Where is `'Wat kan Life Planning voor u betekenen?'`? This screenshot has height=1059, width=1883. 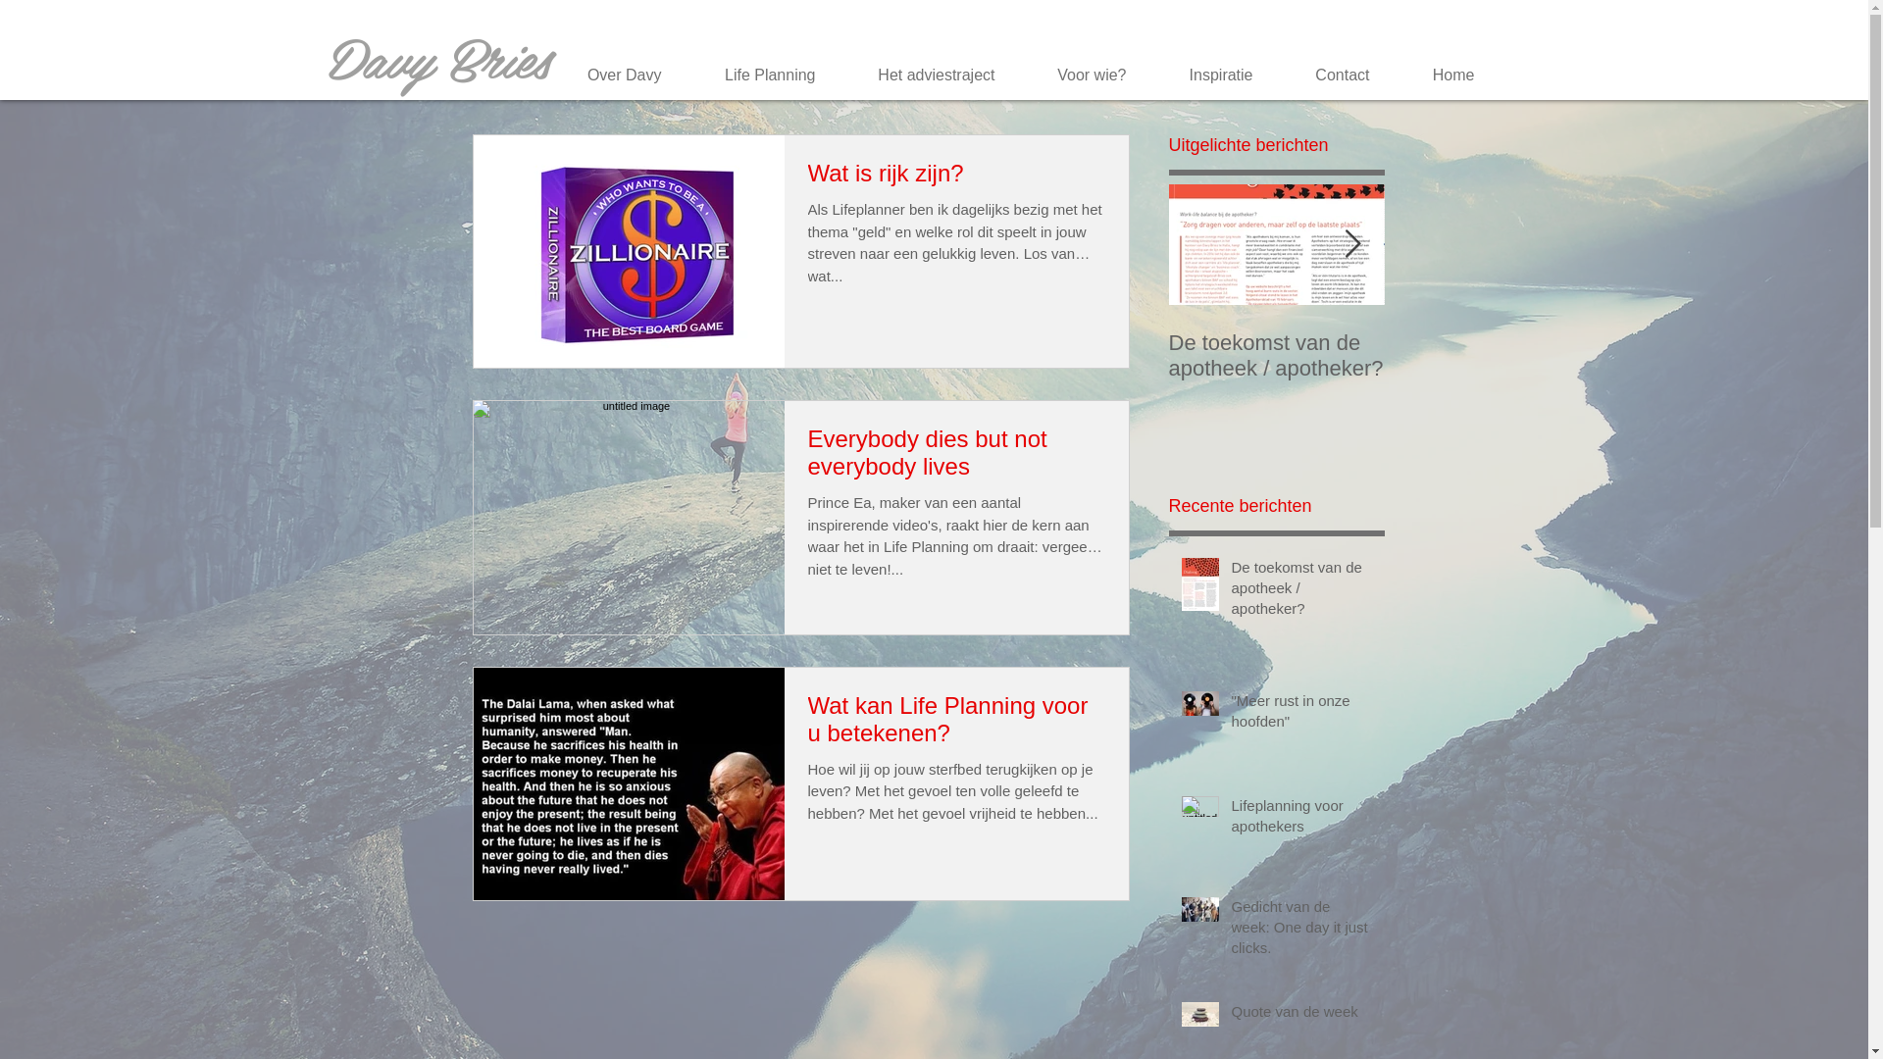
'Wat kan Life Planning voor u betekenen?' is located at coordinates (808, 724).